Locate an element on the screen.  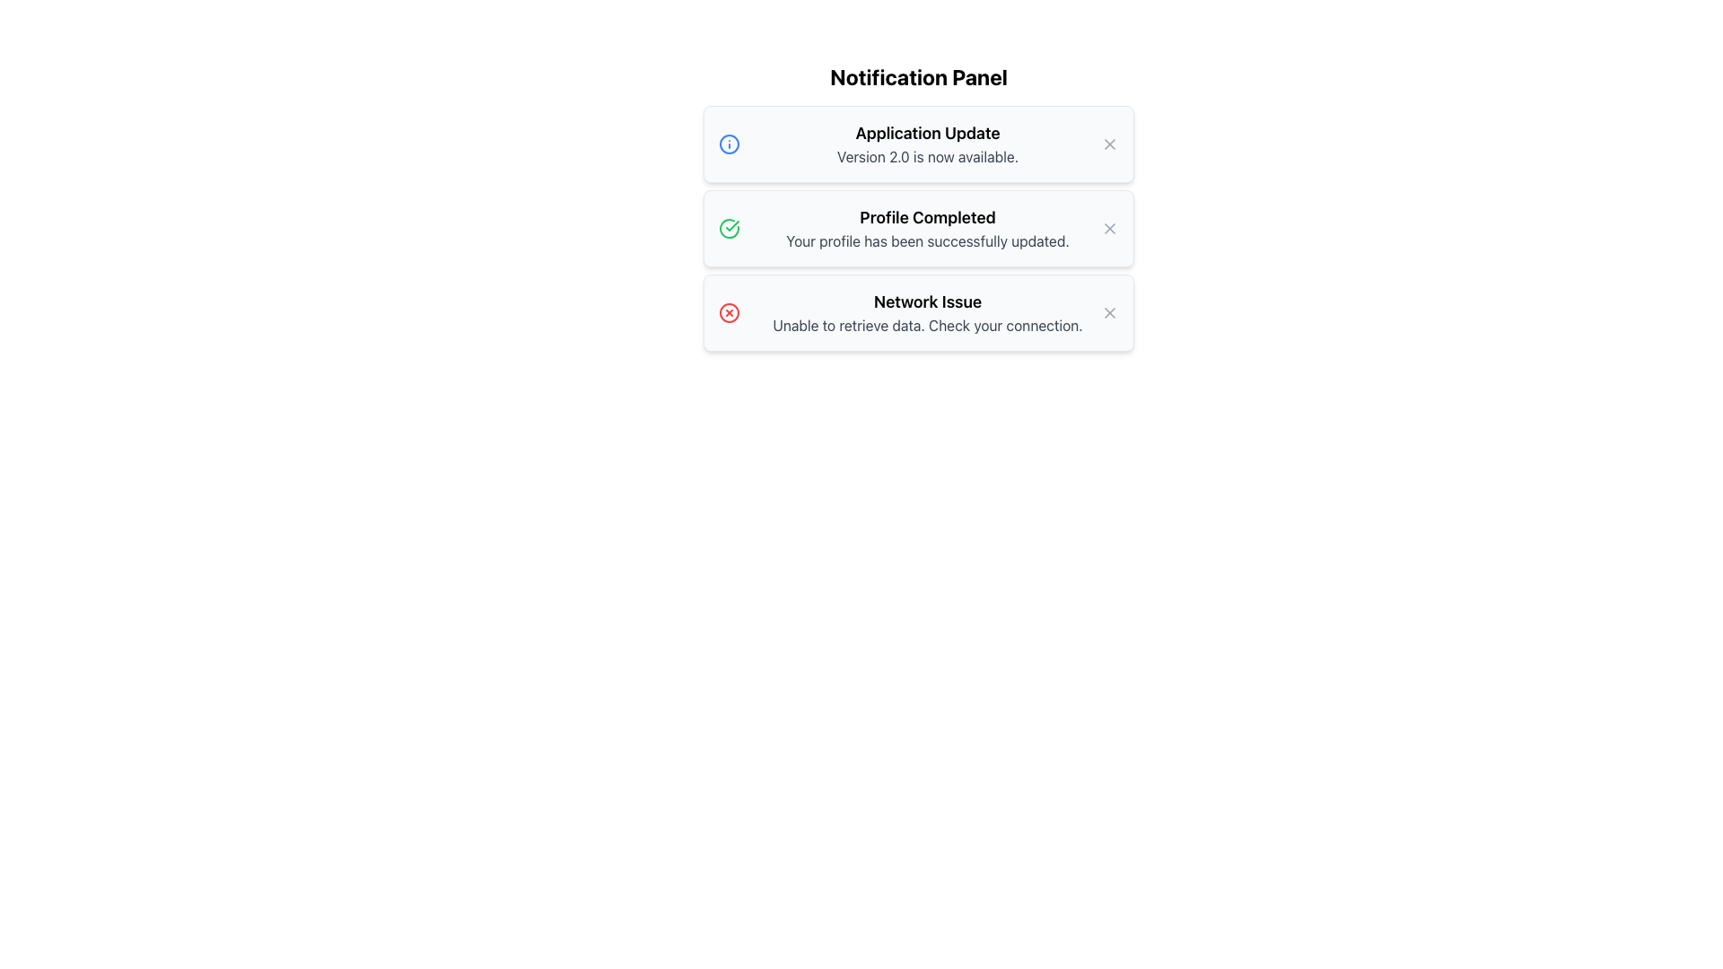
the close button located at the far right of the 'Network Issue' notification card is located at coordinates (1109, 311).